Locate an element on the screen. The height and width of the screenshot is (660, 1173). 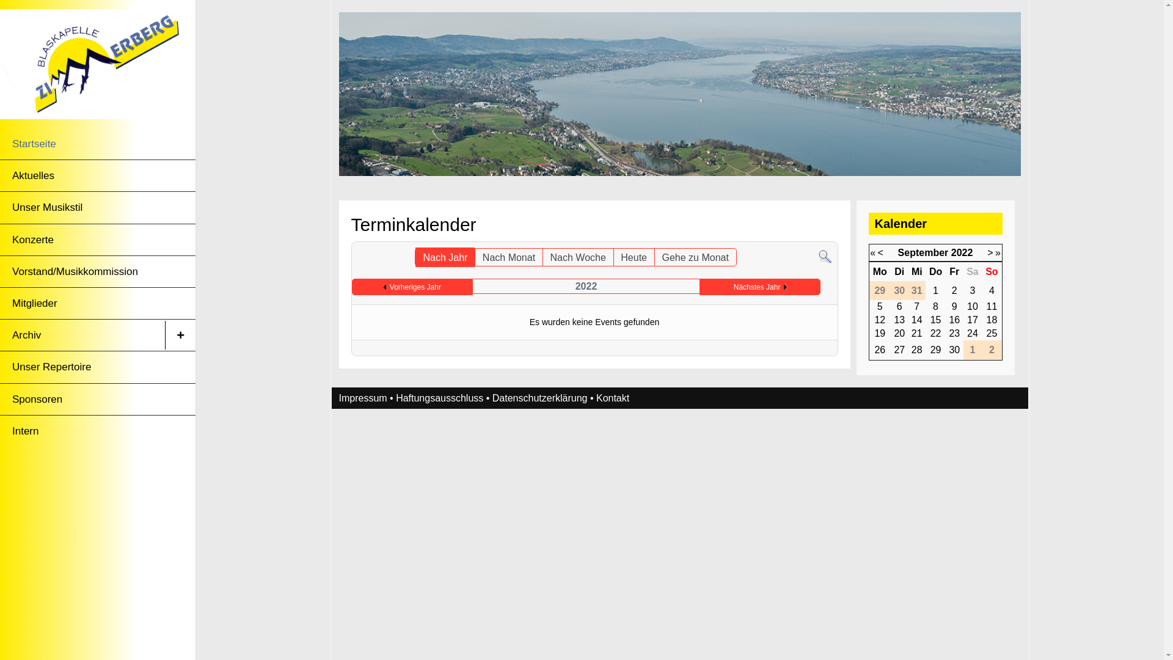
'1' is located at coordinates (935, 290).